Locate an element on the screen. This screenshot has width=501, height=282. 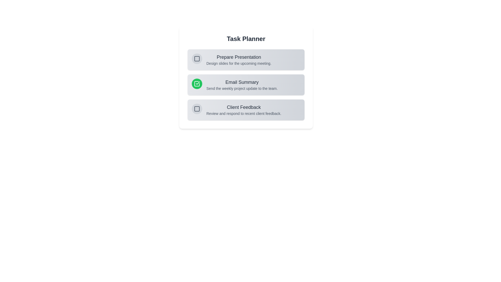
the task with title 'Email Summary' to observe its hover effect is located at coordinates (246, 84).